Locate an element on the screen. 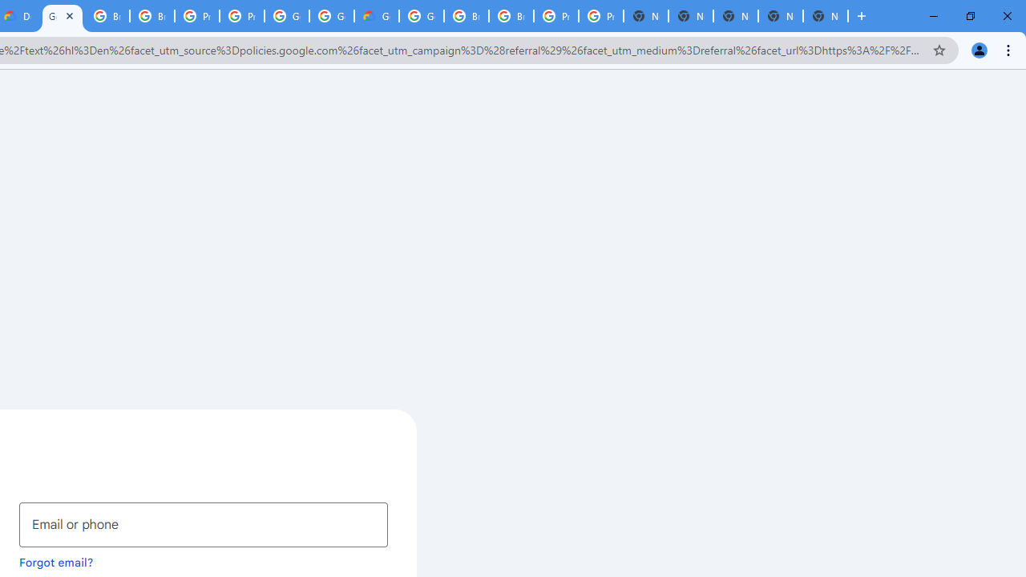 The width and height of the screenshot is (1026, 577). 'Google Cloud Platform' is located at coordinates (422, 16).